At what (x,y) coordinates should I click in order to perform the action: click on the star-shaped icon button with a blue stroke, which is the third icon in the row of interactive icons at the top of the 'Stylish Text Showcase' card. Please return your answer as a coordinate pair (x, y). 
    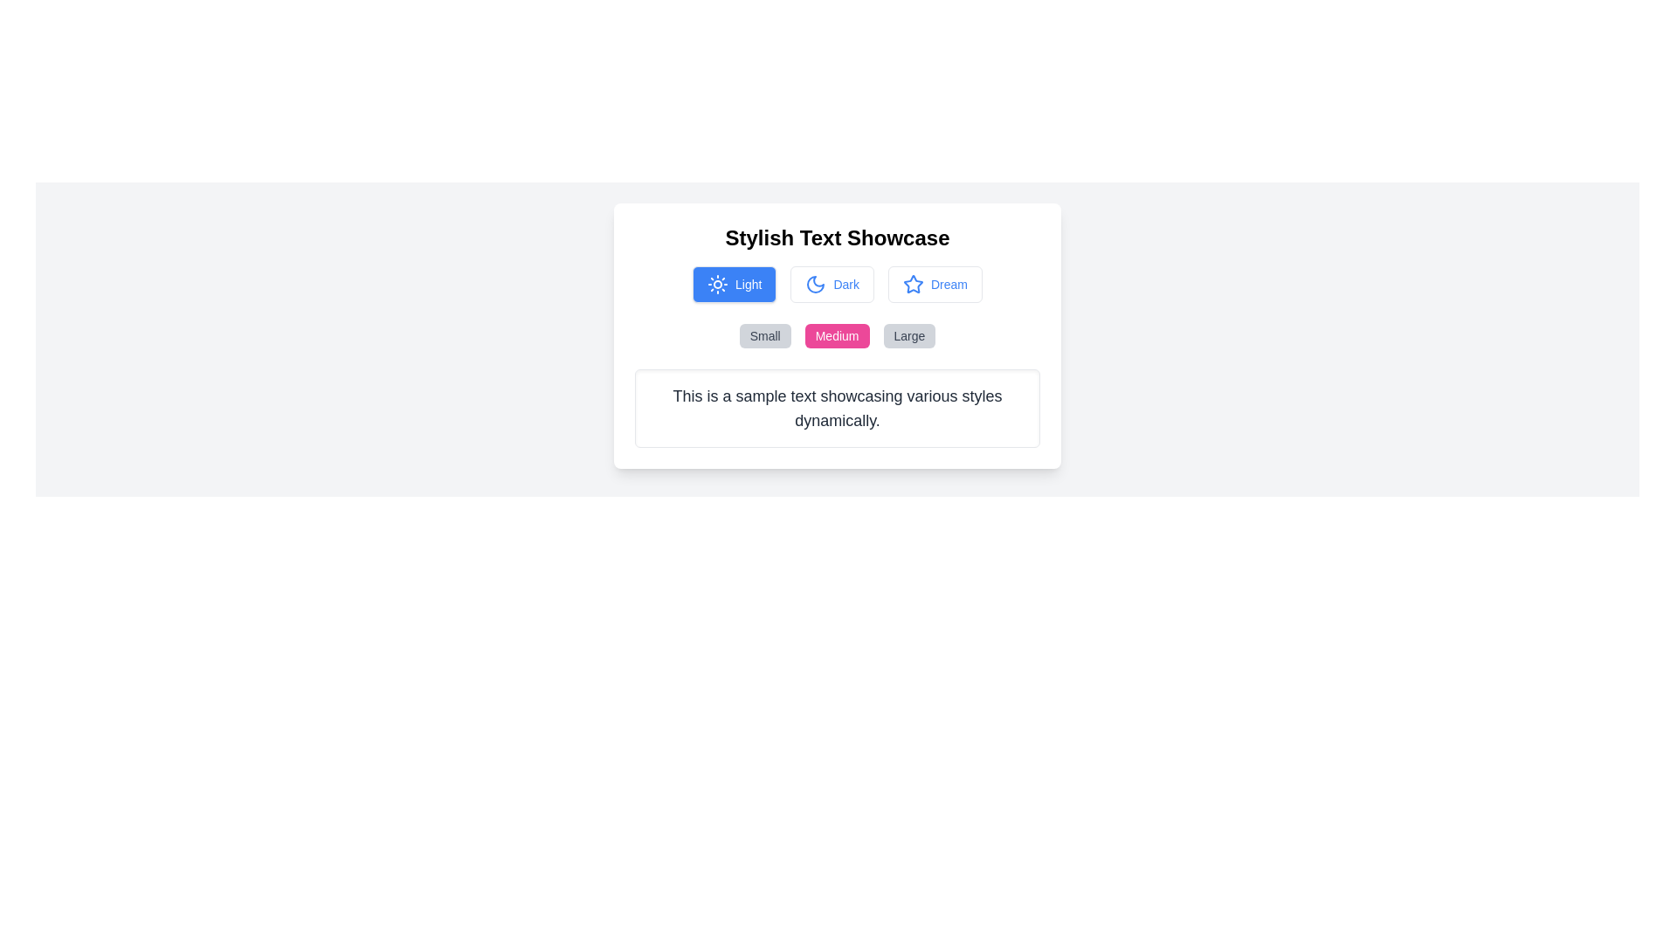
    Looking at the image, I should click on (913, 283).